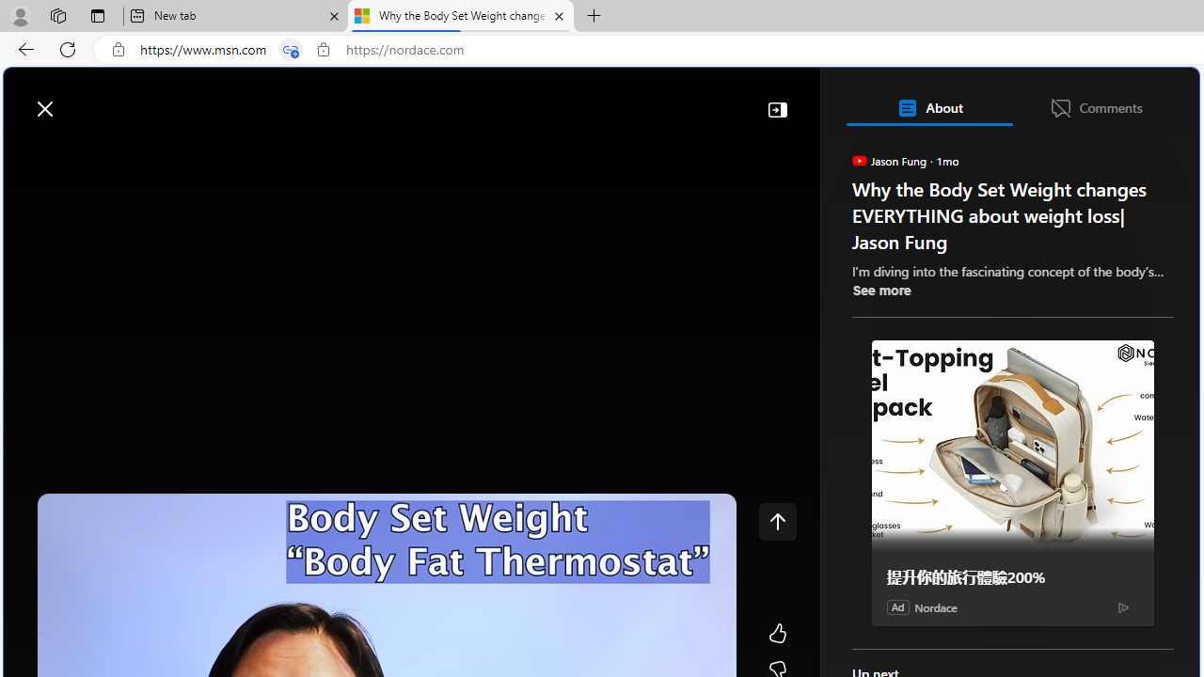 This screenshot has width=1204, height=677. Describe the element at coordinates (162, 152) in the screenshot. I see `'Following'` at that location.